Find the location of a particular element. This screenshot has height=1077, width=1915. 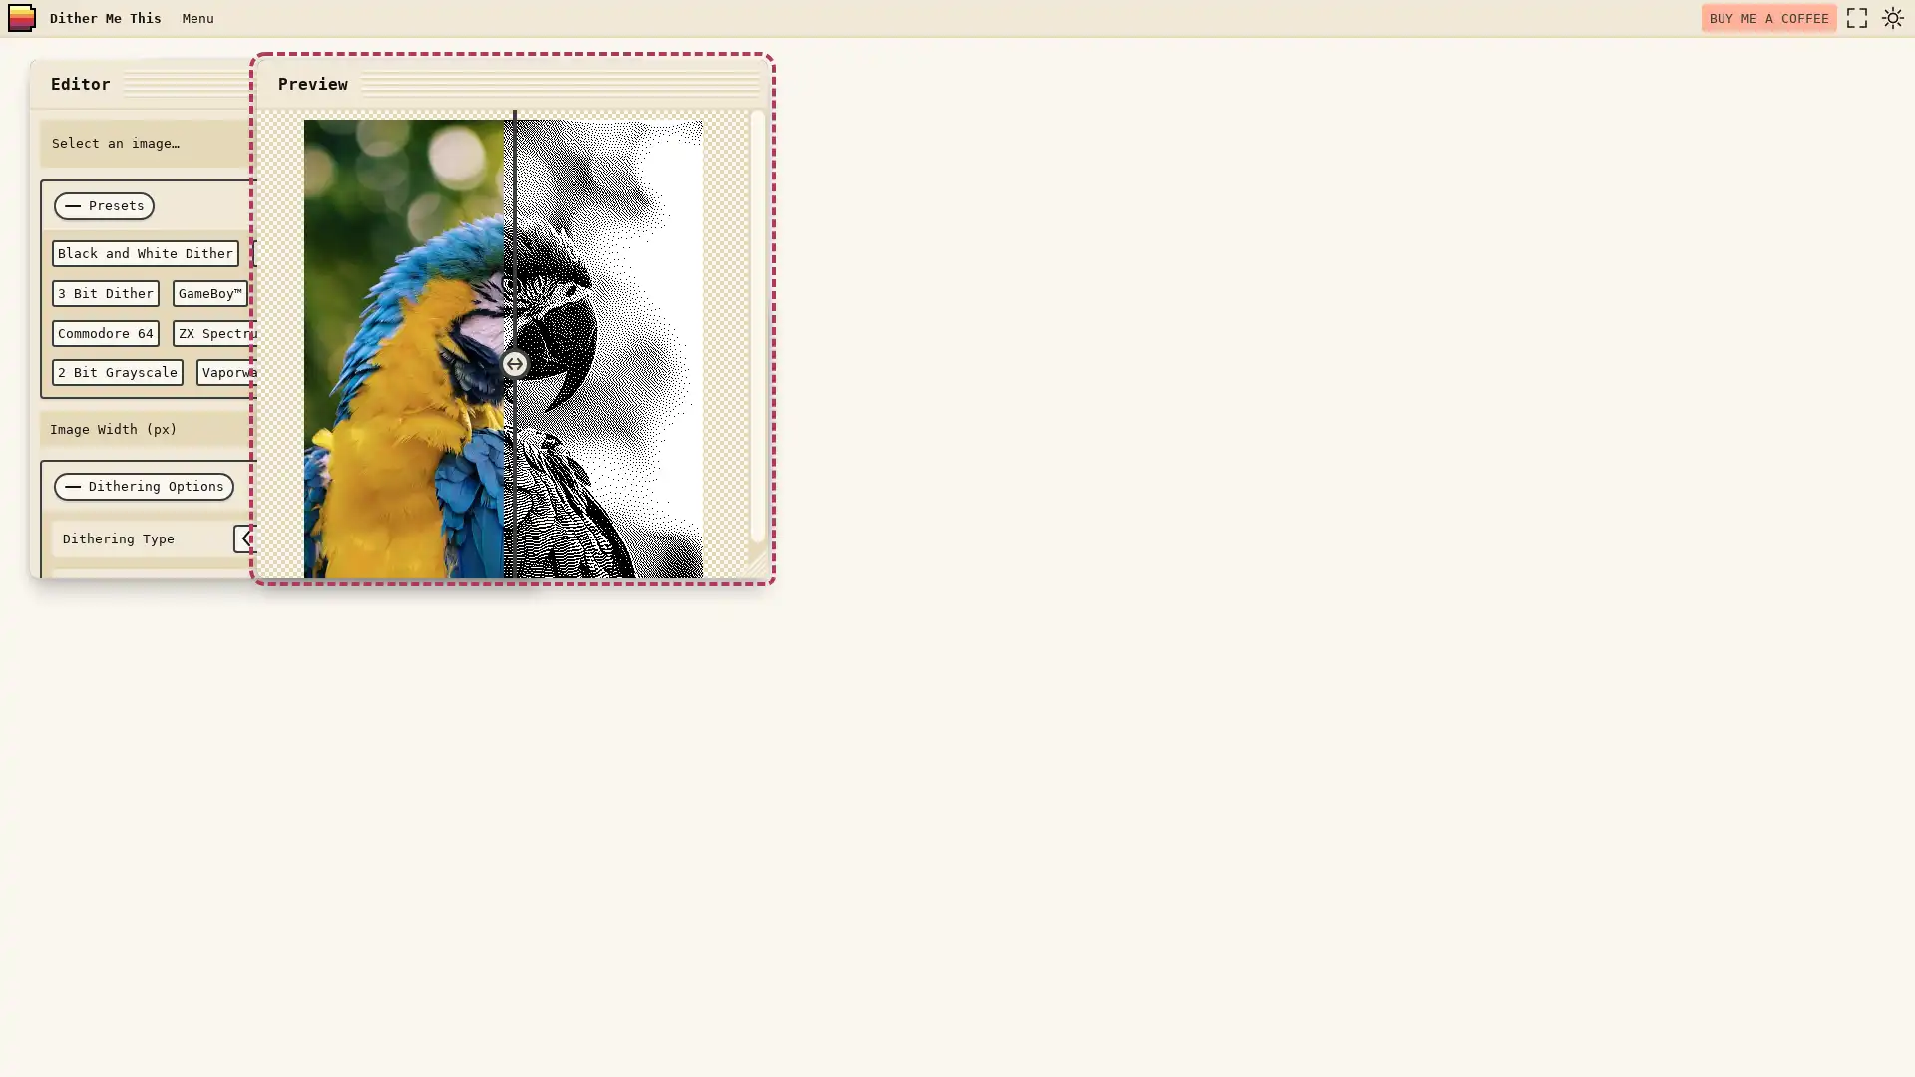

3 Bit Dither is located at coordinates (104, 292).